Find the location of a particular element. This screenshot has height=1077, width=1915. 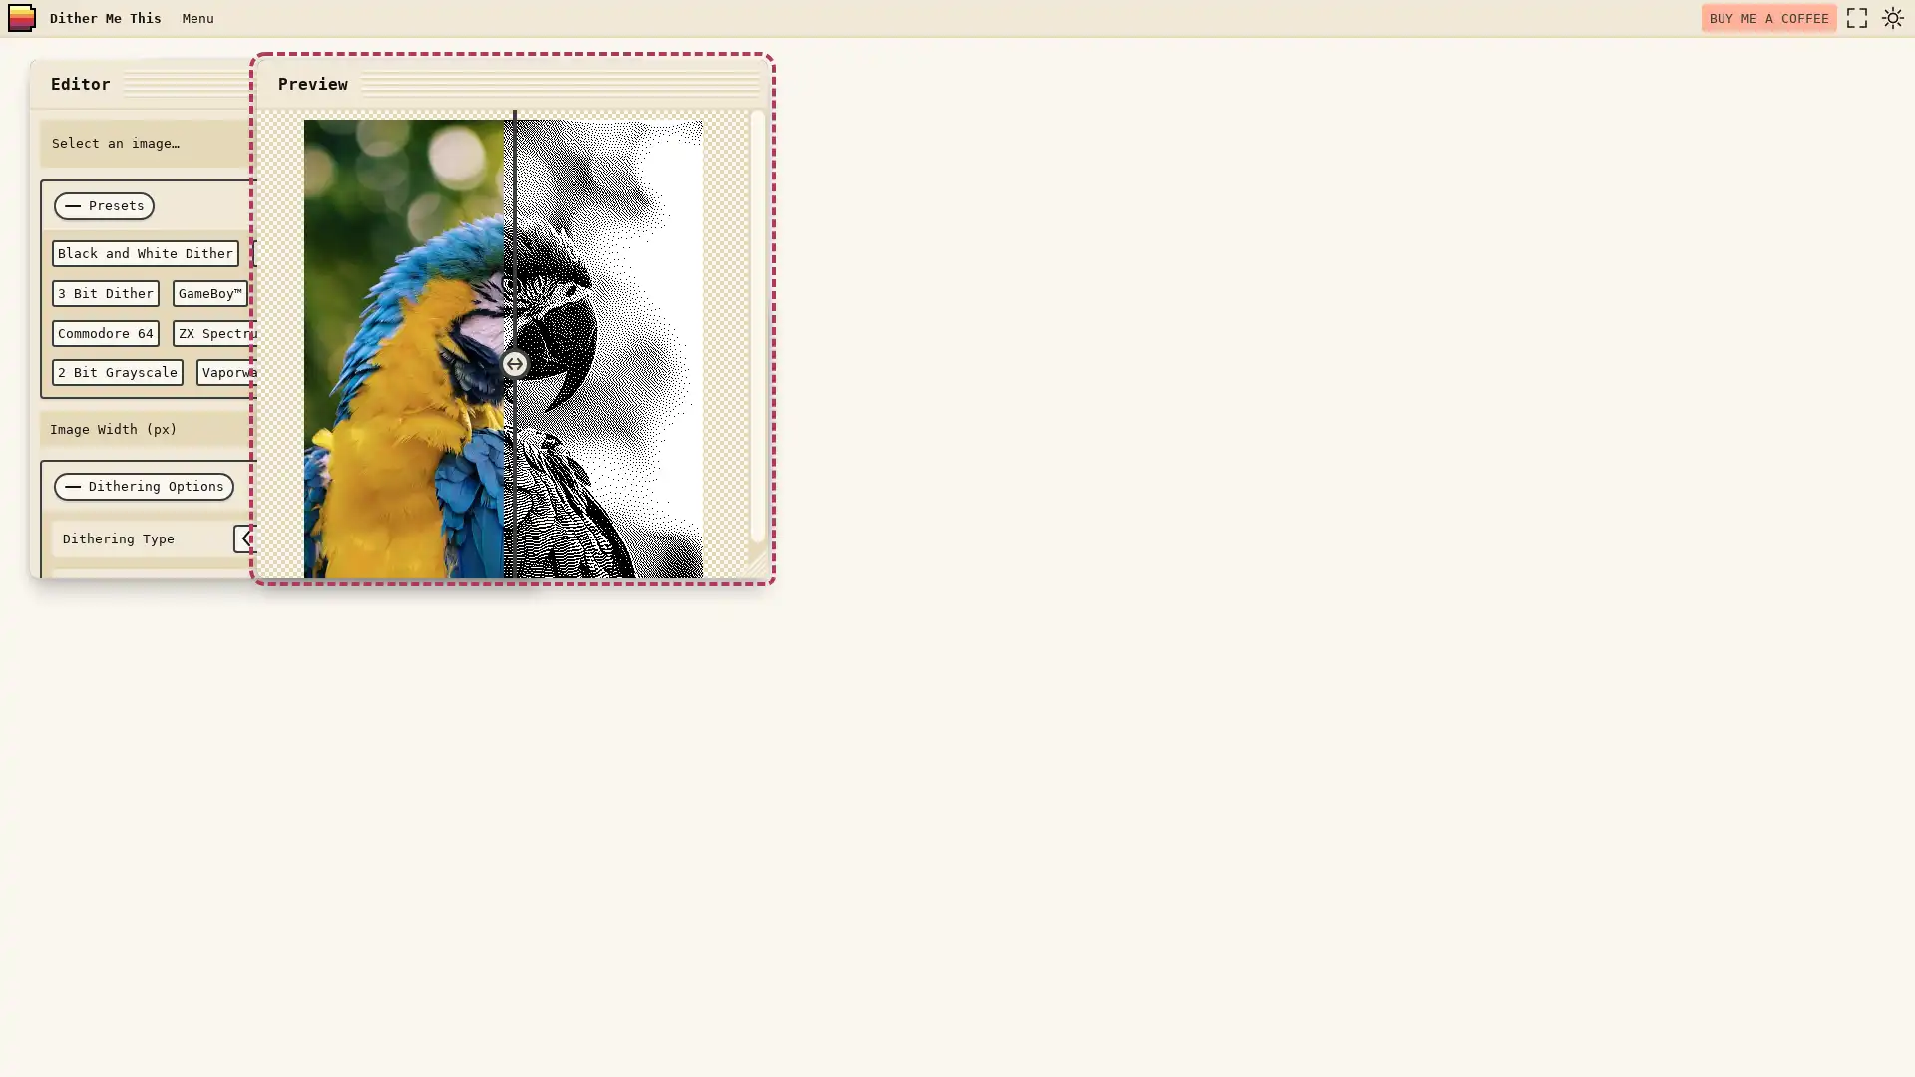

3 Bit Dither is located at coordinates (104, 292).